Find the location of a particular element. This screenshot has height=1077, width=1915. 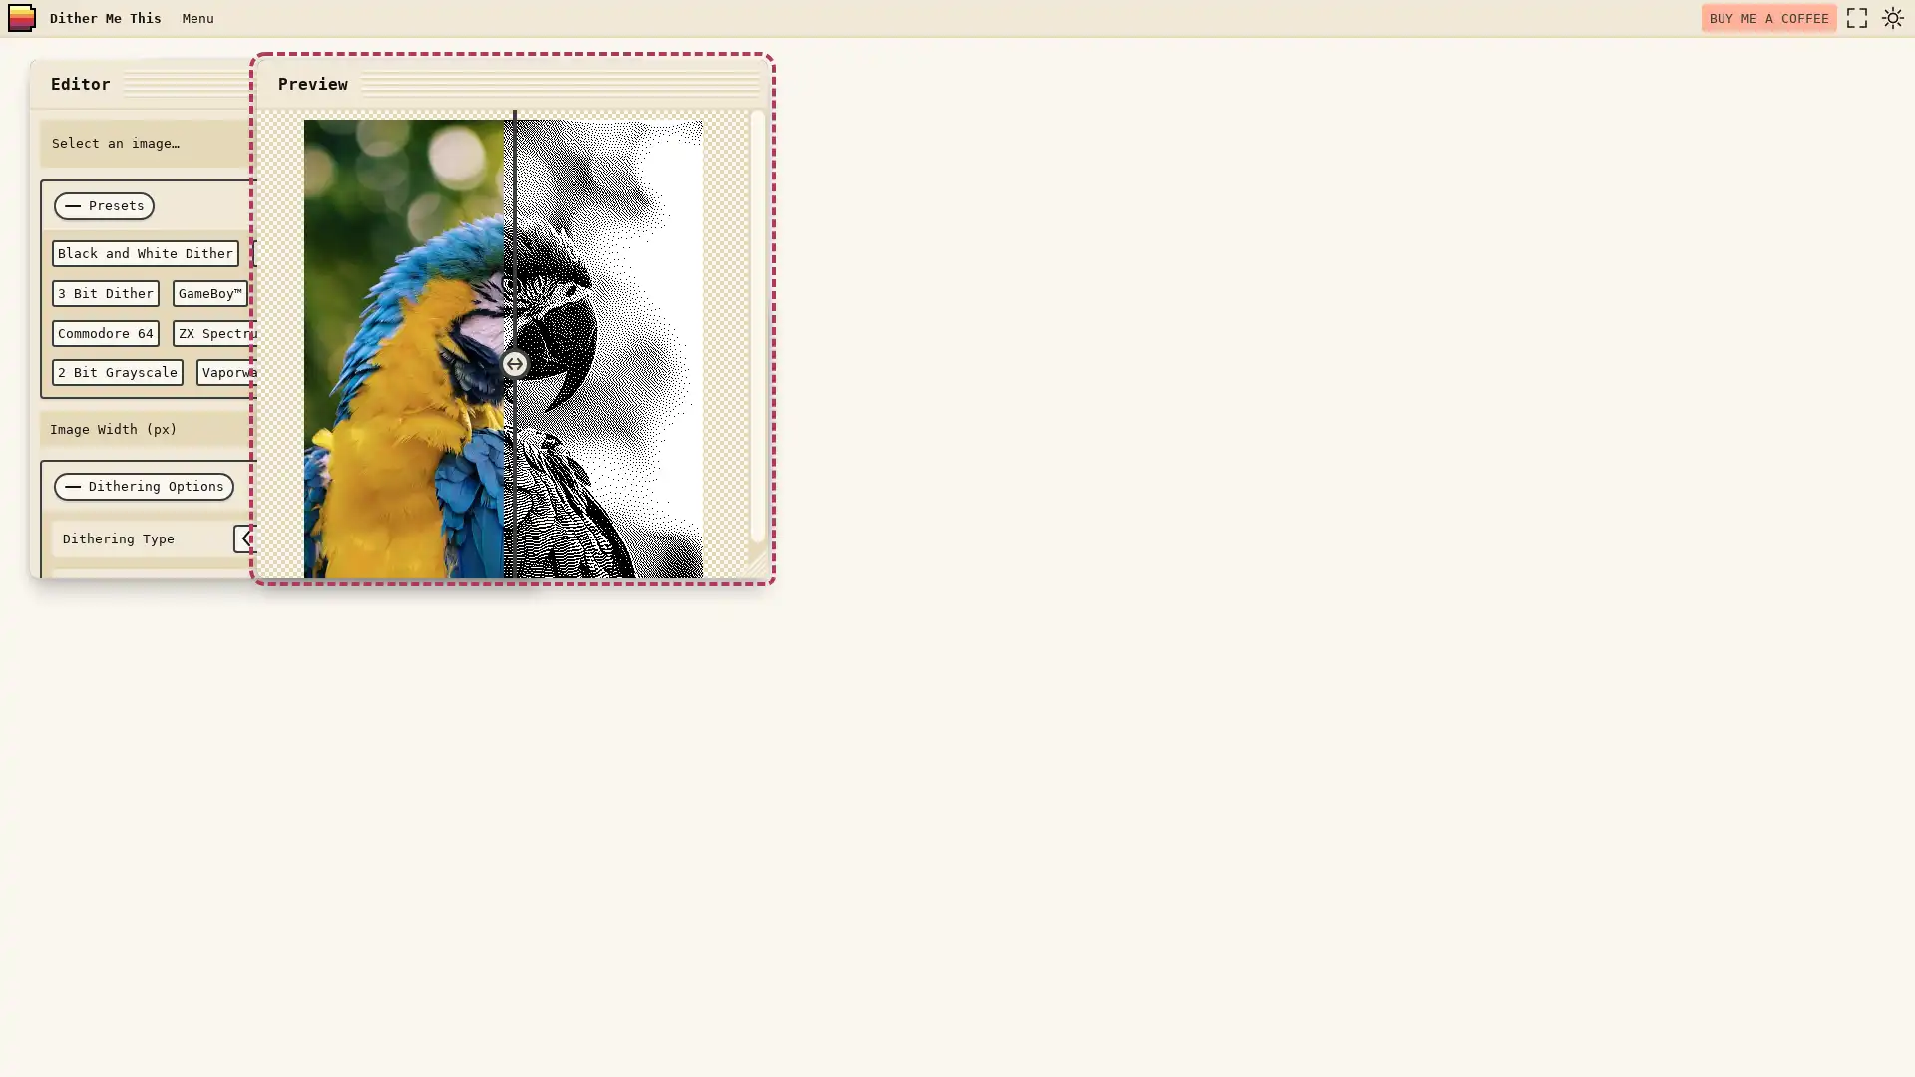

3 Bit Dither is located at coordinates (104, 292).